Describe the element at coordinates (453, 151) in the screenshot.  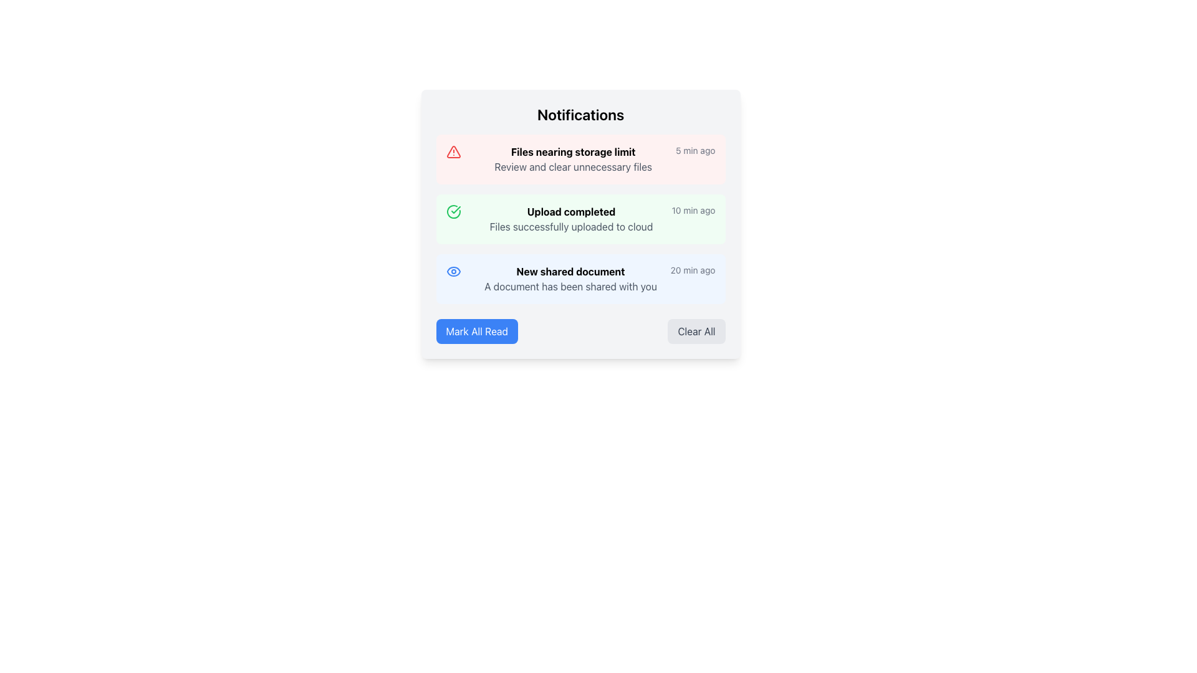
I see `the reddish triangular icon with a hollow stroke outline featuring an exclamation design` at that location.